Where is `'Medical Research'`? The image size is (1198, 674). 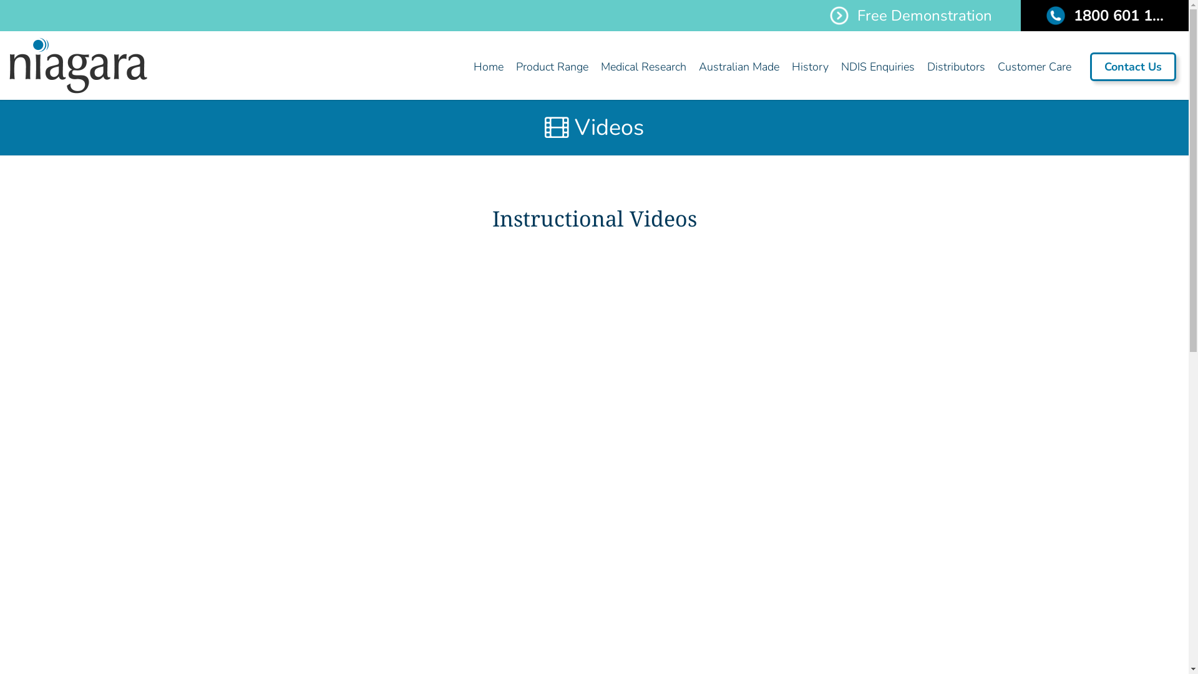
'Medical Research' is located at coordinates (643, 67).